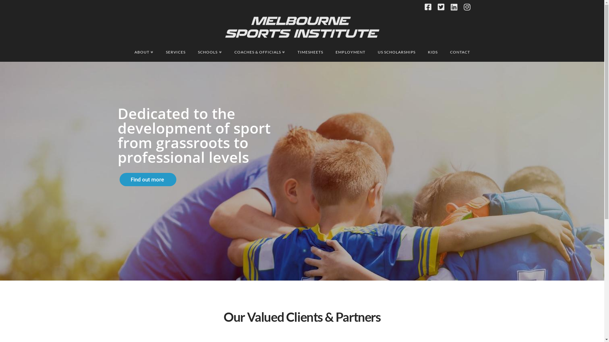  I want to click on 'ABOUT', so click(143, 52).